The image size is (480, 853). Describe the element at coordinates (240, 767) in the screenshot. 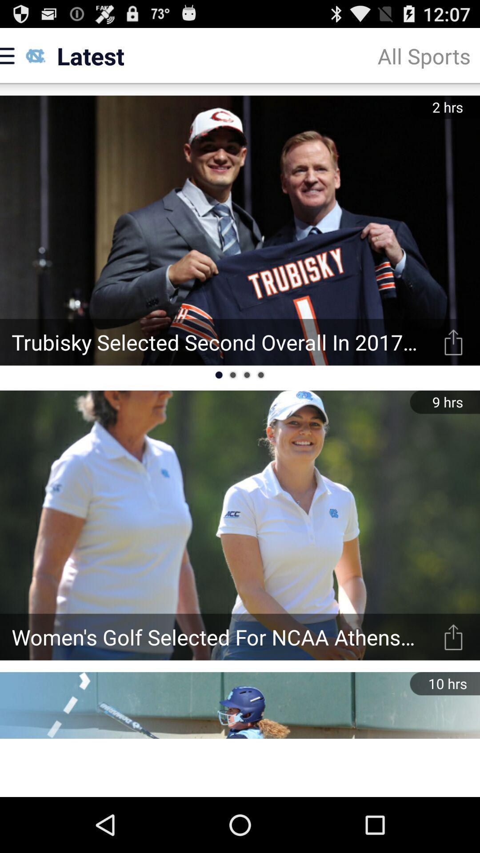

I see `advertisement block` at that location.